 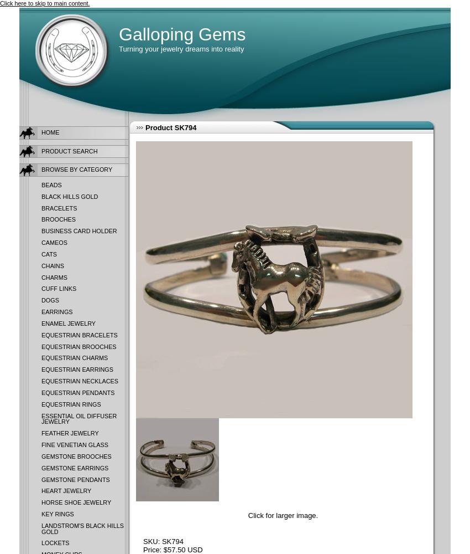 What do you see at coordinates (182, 34) in the screenshot?
I see `'Galloping Gems'` at bounding box center [182, 34].